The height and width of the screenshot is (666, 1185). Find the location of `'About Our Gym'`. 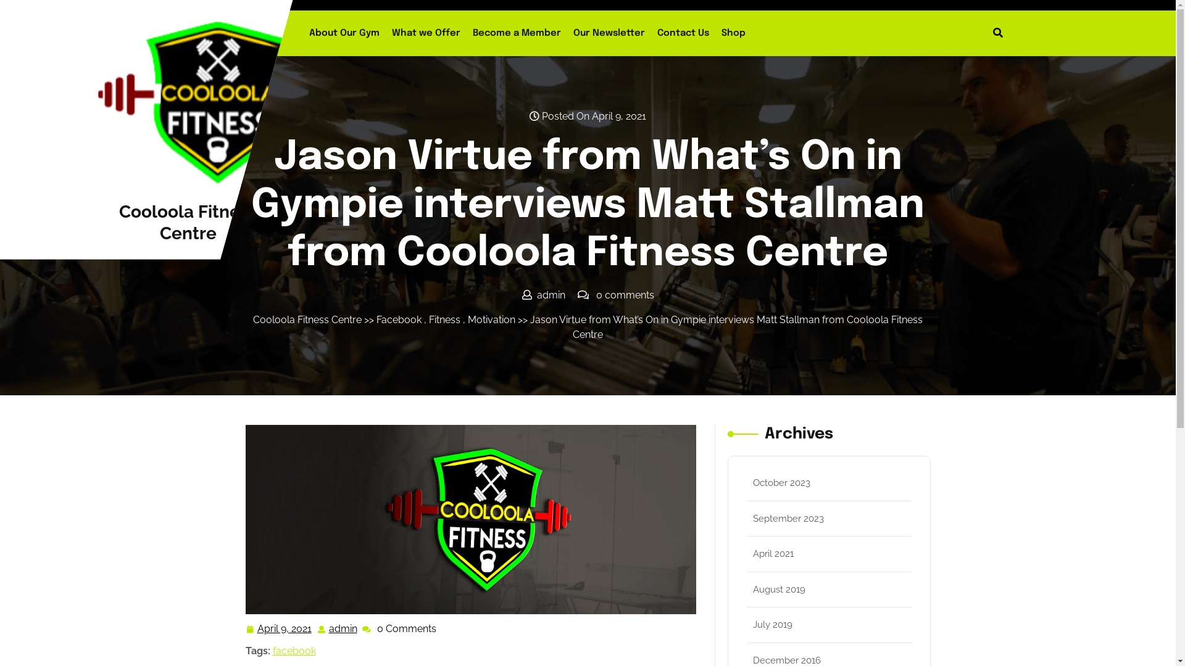

'About Our Gym' is located at coordinates (344, 32).